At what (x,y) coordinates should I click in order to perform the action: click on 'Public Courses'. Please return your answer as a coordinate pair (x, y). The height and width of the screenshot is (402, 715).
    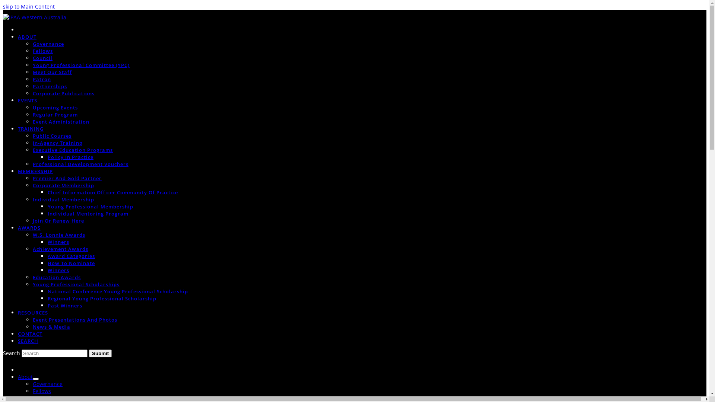
    Looking at the image, I should click on (51, 135).